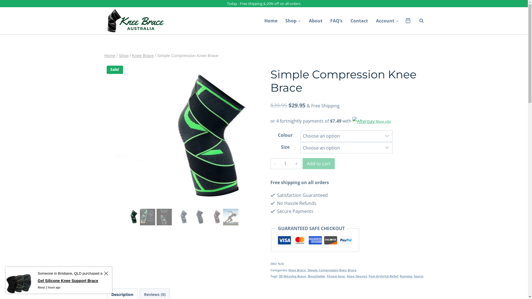  I want to click on 'Home', so click(109, 55).